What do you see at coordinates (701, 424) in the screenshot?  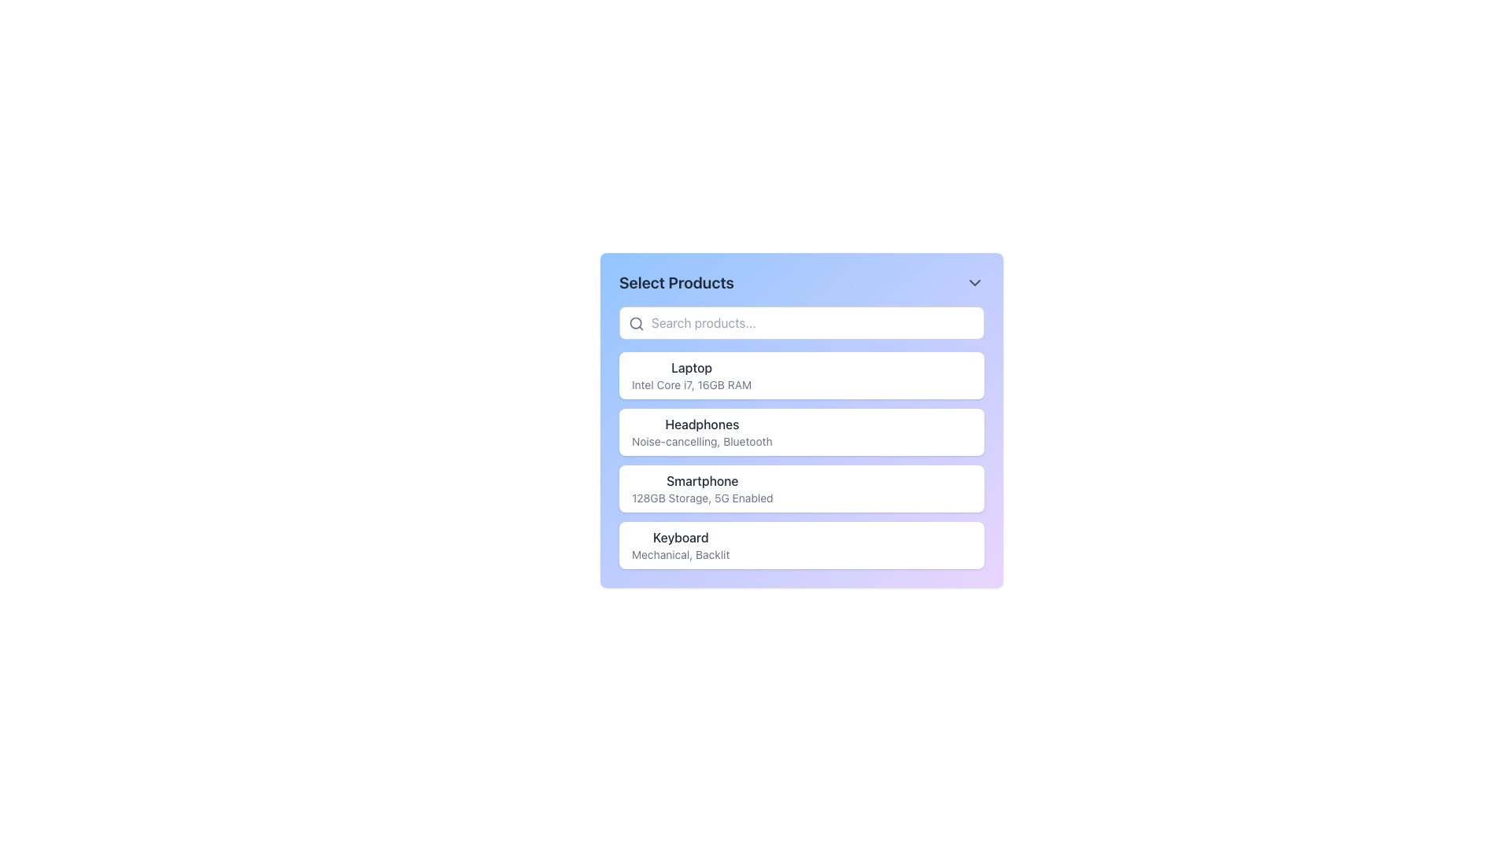 I see `the textual element displaying 'Headphones' in bold, dark gray font, which is the primary title of the second item in the selection card interface` at bounding box center [701, 424].